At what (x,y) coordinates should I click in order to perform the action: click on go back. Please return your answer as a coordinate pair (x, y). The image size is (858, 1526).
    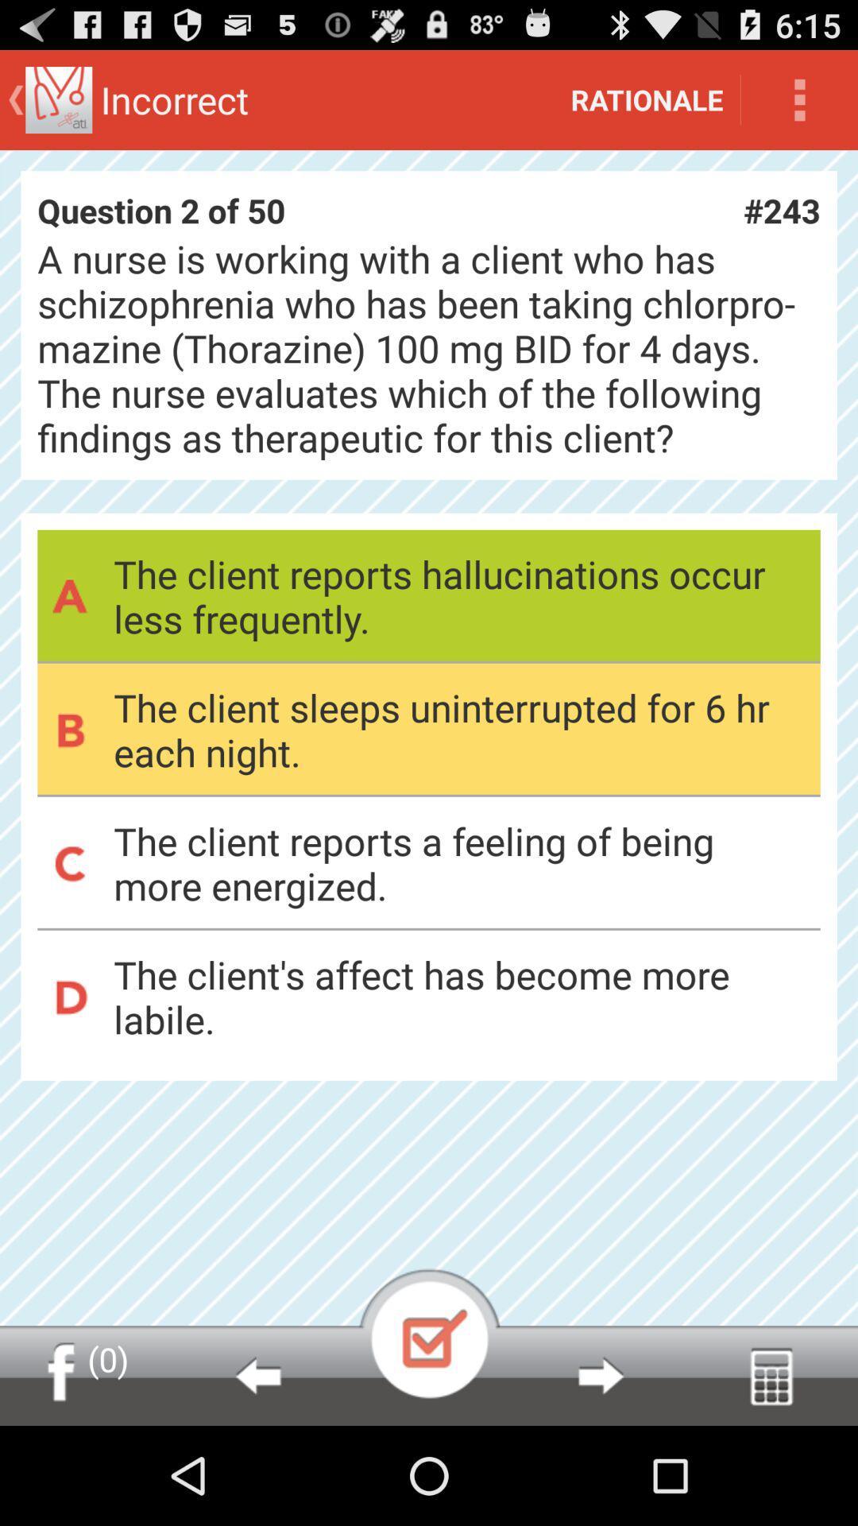
    Looking at the image, I should click on (257, 1375).